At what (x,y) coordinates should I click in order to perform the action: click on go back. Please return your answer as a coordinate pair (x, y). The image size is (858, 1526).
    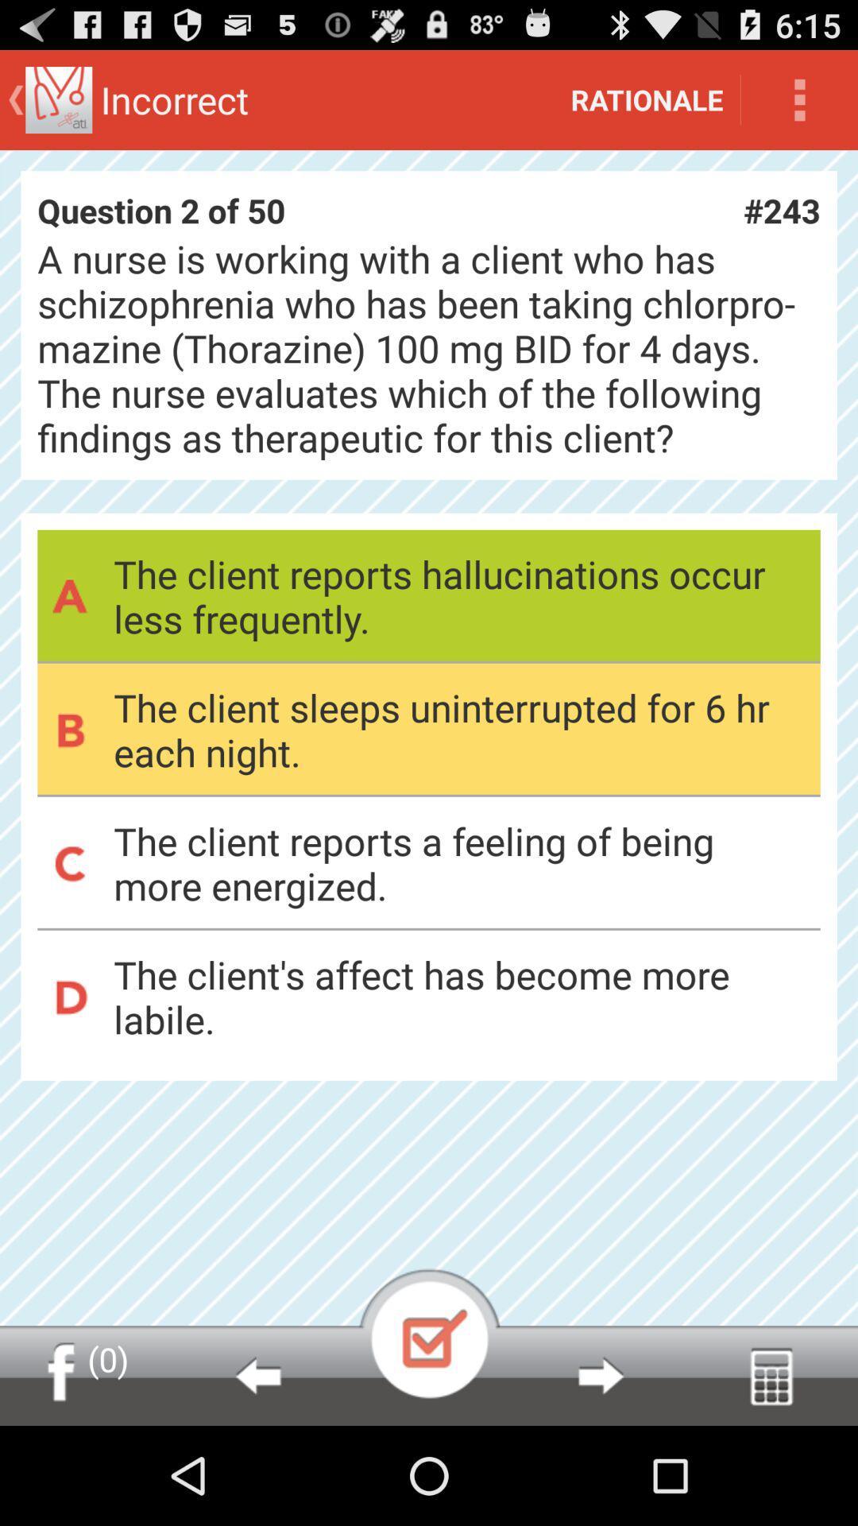
    Looking at the image, I should click on (257, 1375).